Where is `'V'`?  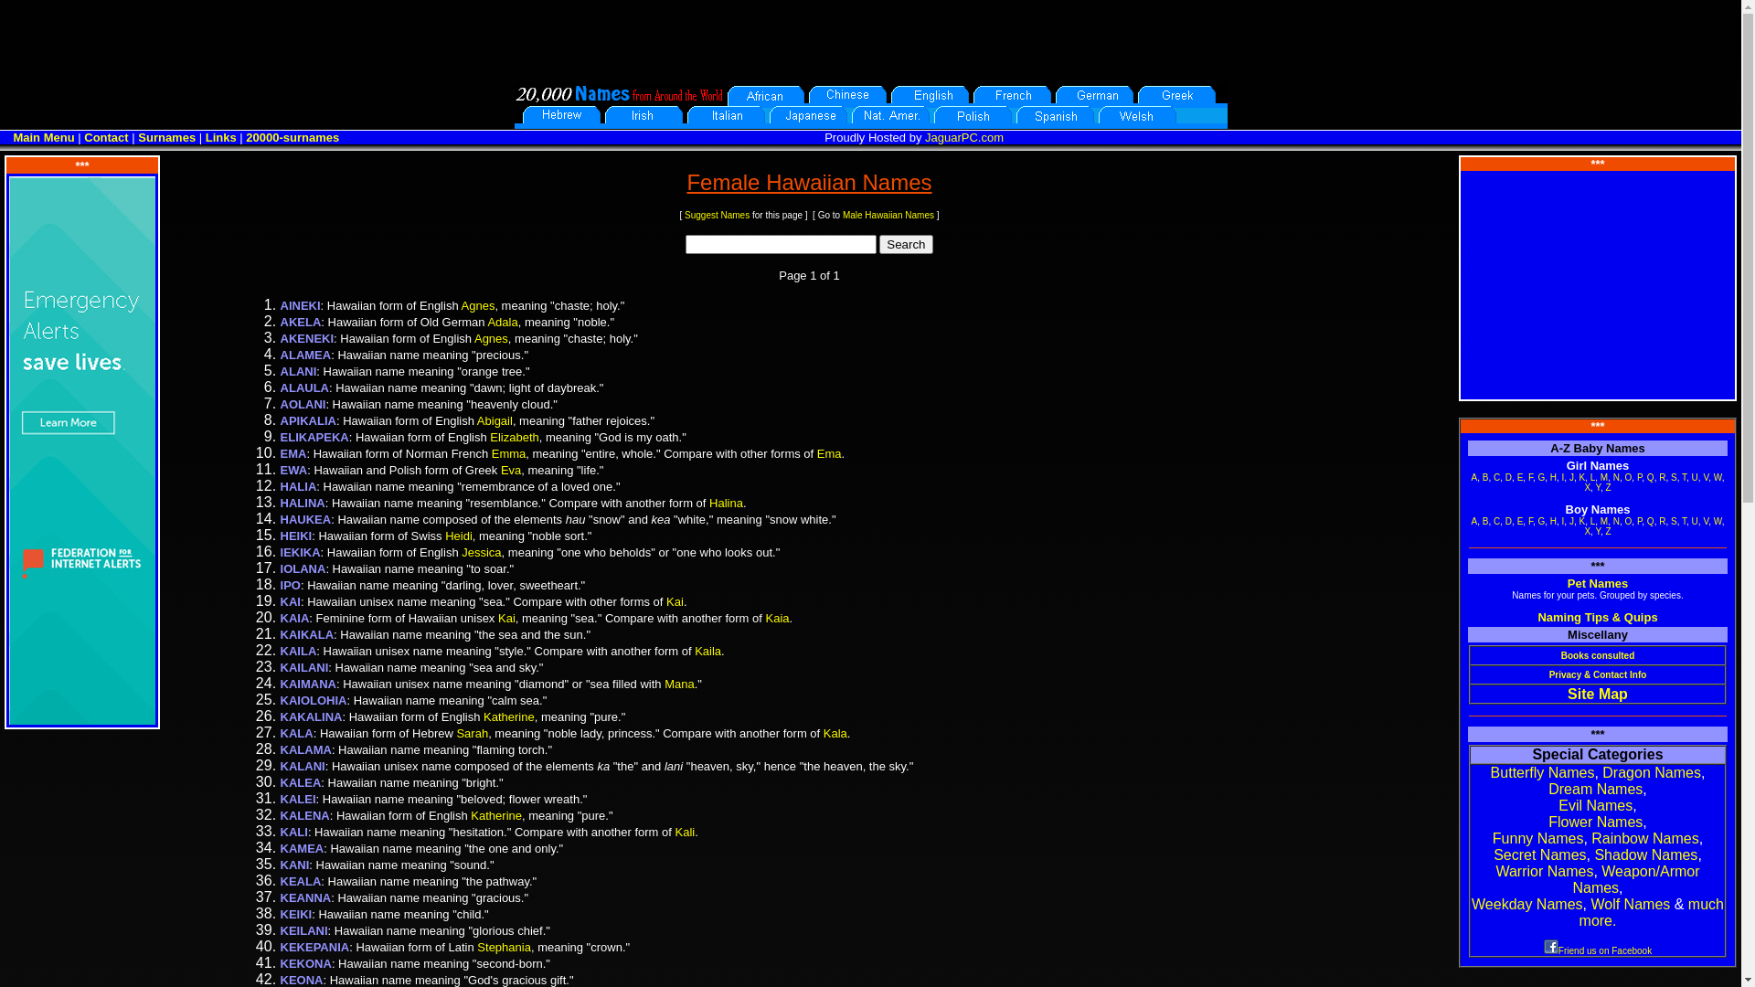 'V' is located at coordinates (1705, 476).